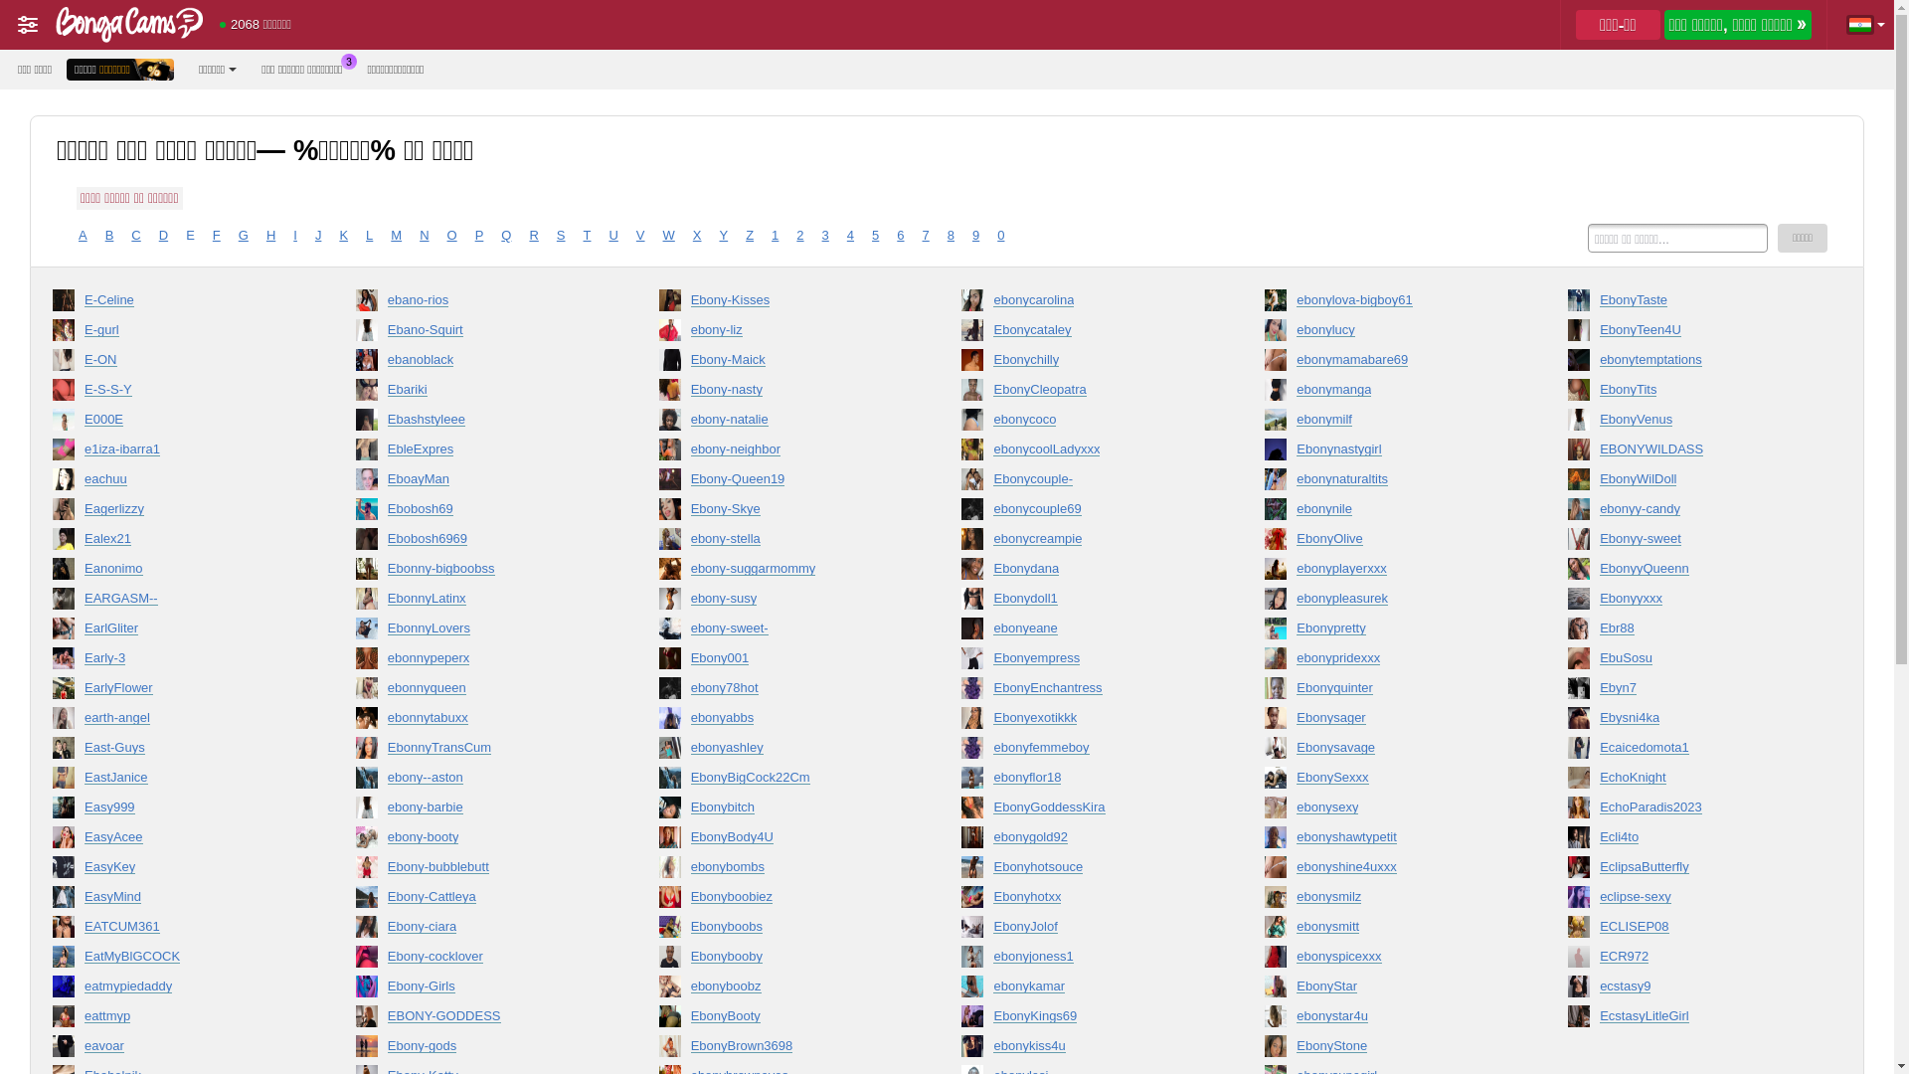 This screenshot has width=1909, height=1074. What do you see at coordinates (658, 690) in the screenshot?
I see `'ebony78hot'` at bounding box center [658, 690].